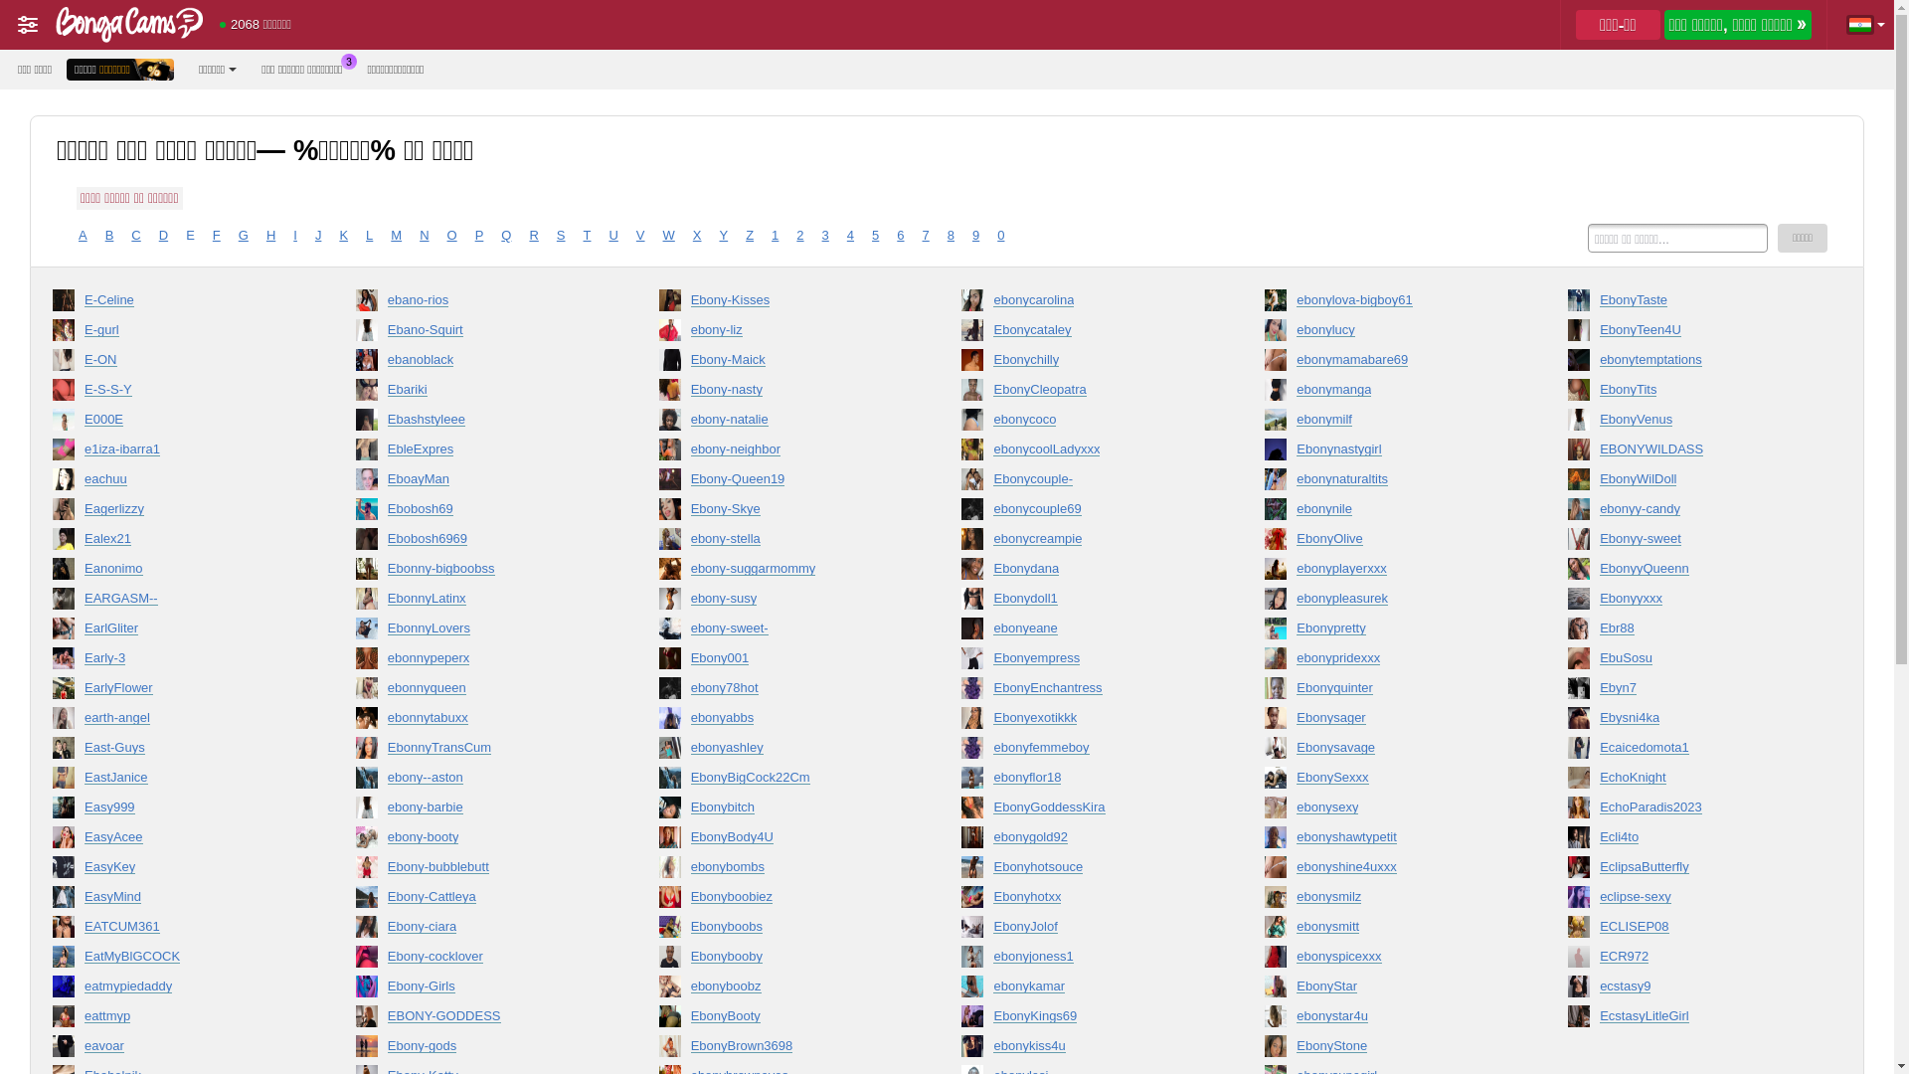 This screenshot has width=1909, height=1074. What do you see at coordinates (658, 690) in the screenshot?
I see `'ebony78hot'` at bounding box center [658, 690].